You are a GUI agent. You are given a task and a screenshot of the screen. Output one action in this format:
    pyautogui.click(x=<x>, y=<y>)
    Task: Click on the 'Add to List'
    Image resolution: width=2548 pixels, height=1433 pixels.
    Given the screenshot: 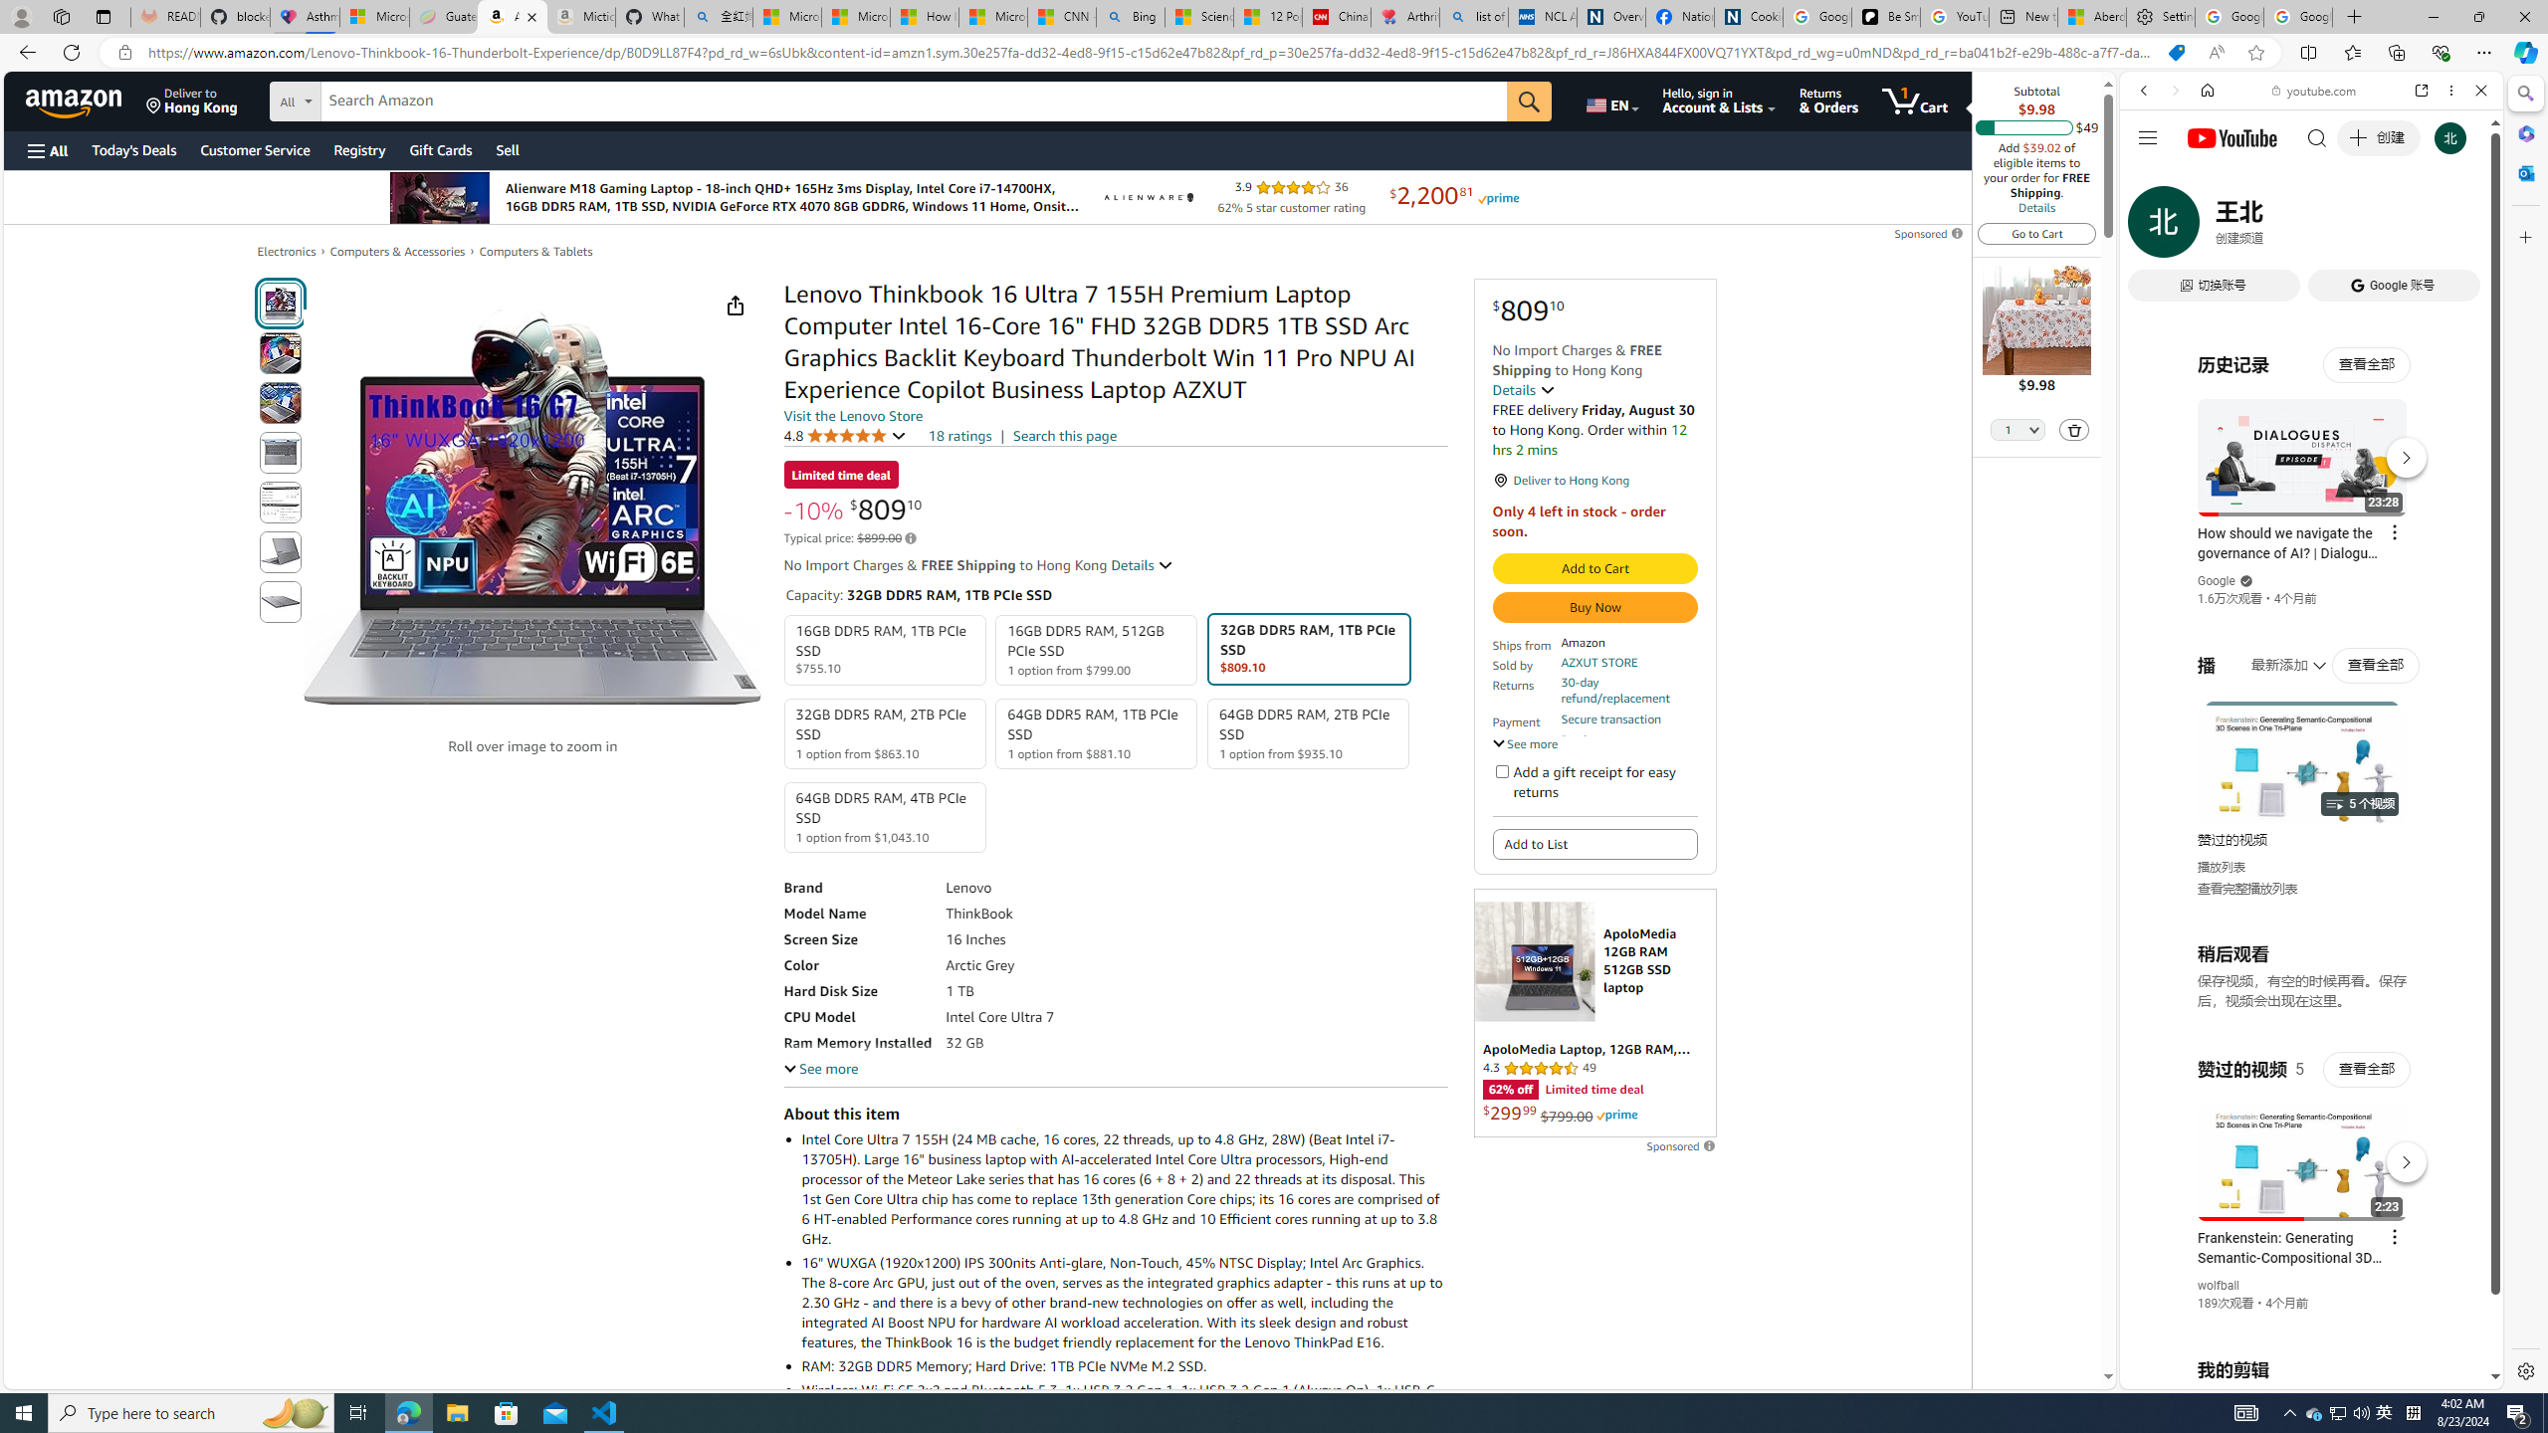 What is the action you would take?
    pyautogui.click(x=1594, y=843)
    